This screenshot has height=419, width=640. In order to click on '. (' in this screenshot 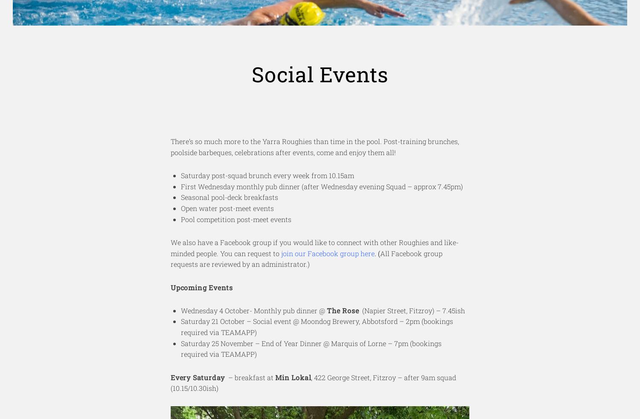, I will do `click(377, 253)`.